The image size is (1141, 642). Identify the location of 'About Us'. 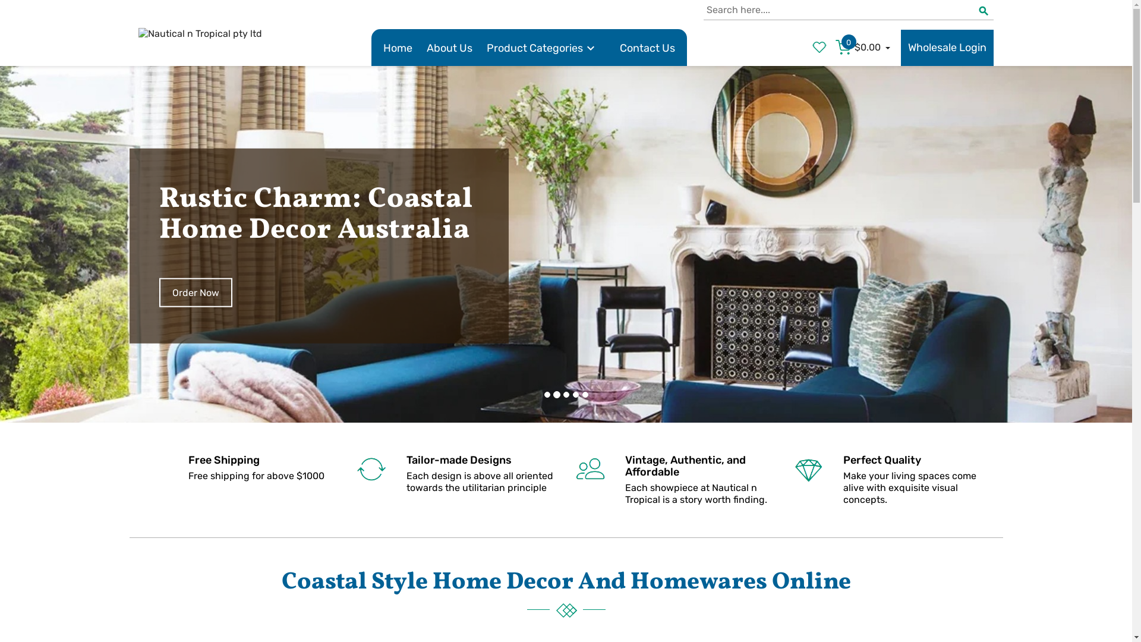
(449, 48).